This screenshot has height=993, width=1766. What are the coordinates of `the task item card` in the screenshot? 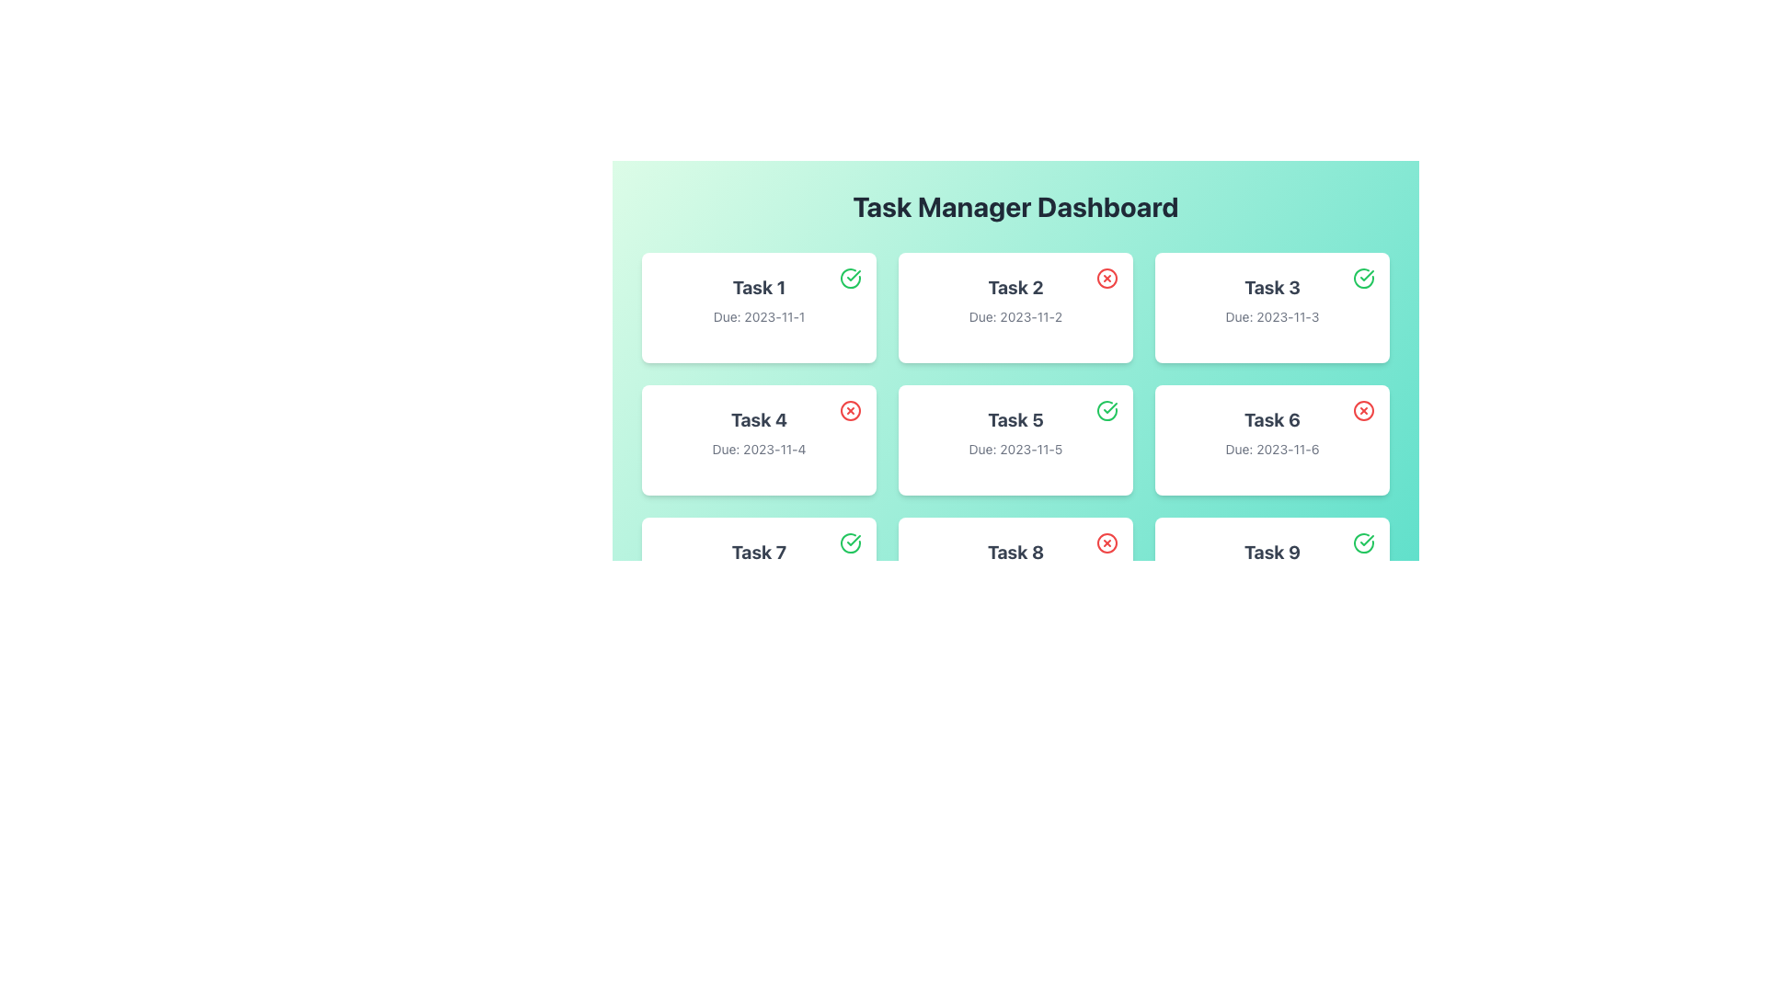 It's located at (1271, 307).